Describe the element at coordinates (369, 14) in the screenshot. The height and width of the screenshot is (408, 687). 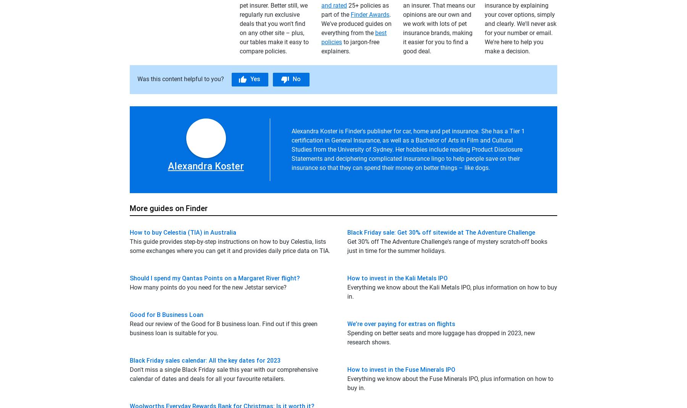
I see `'Finder Awards'` at that location.